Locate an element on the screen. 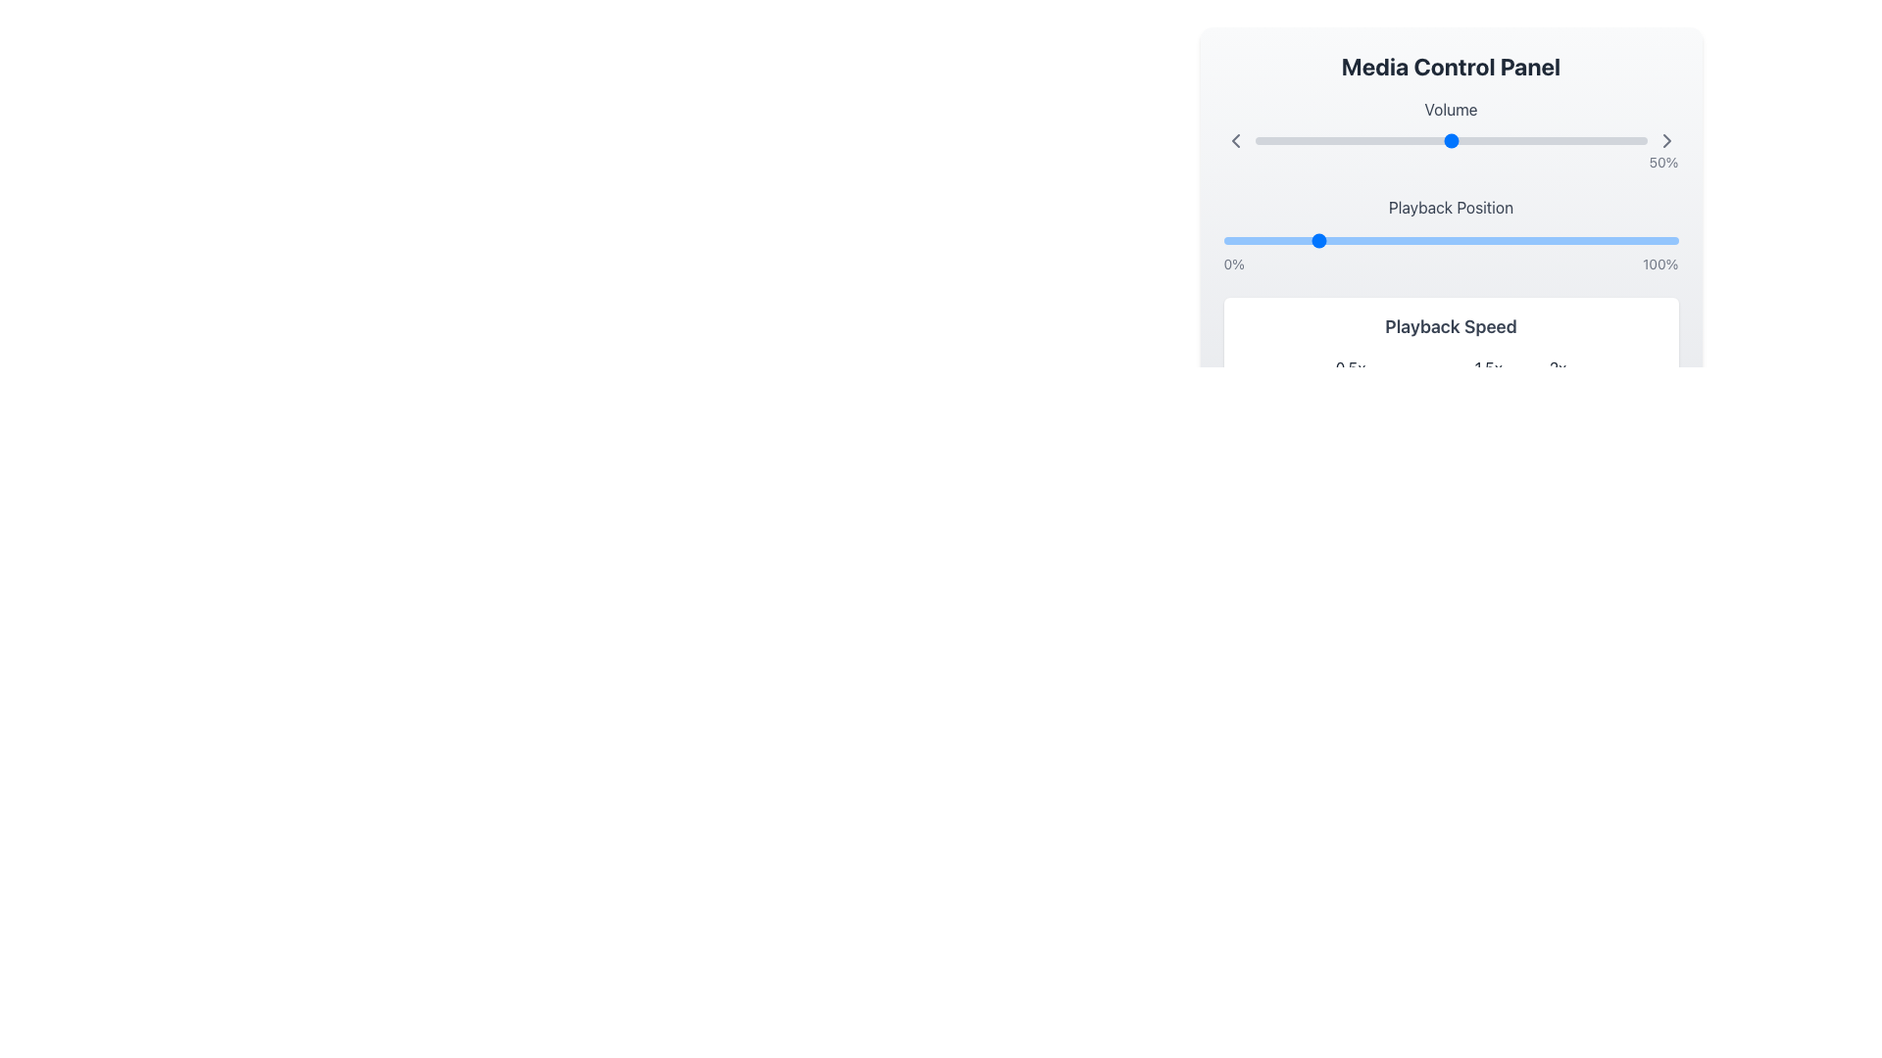 The width and height of the screenshot is (1882, 1058). the 'Playback Speed' selectable options group to choose a speed option is located at coordinates (1451, 350).